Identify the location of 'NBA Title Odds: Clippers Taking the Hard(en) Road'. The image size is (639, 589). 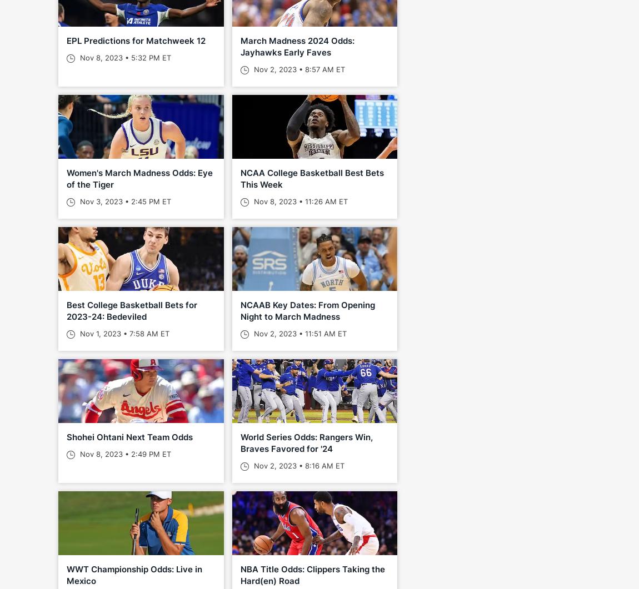
(240, 574).